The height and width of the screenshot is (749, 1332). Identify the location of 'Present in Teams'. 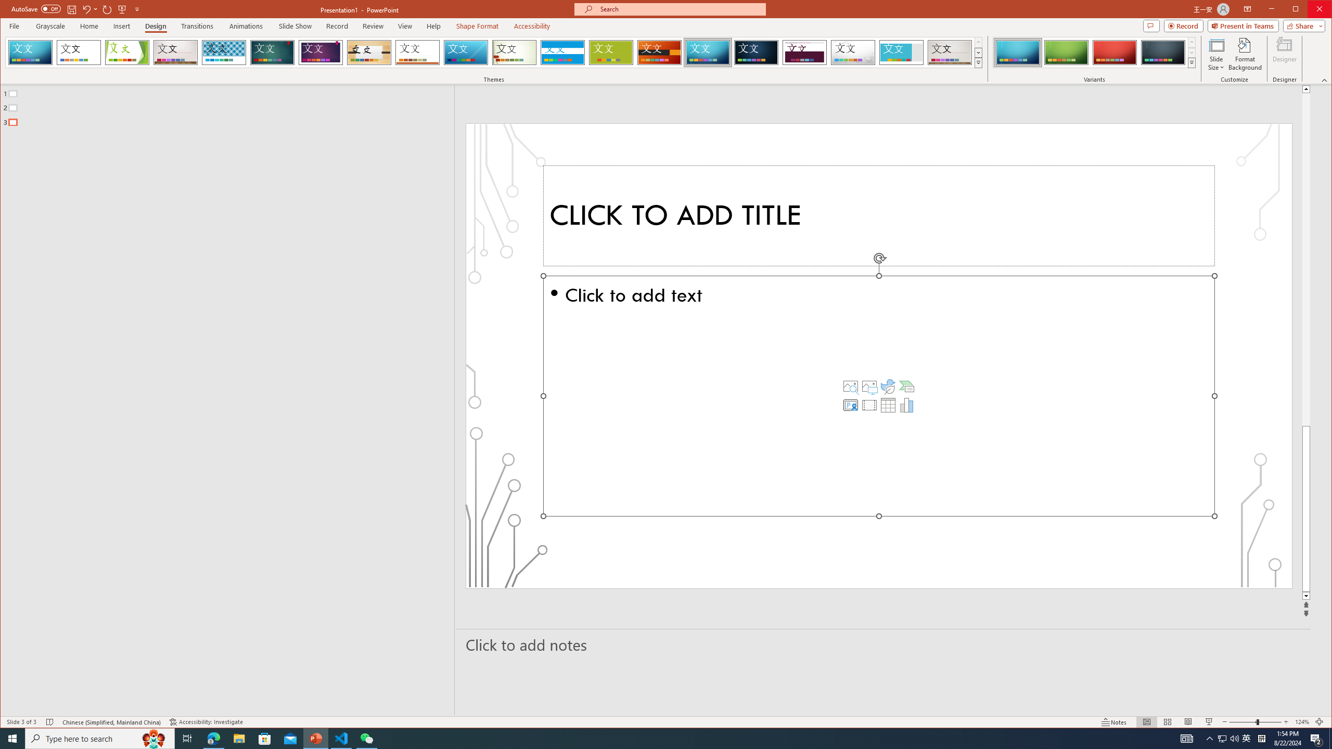
(1243, 25).